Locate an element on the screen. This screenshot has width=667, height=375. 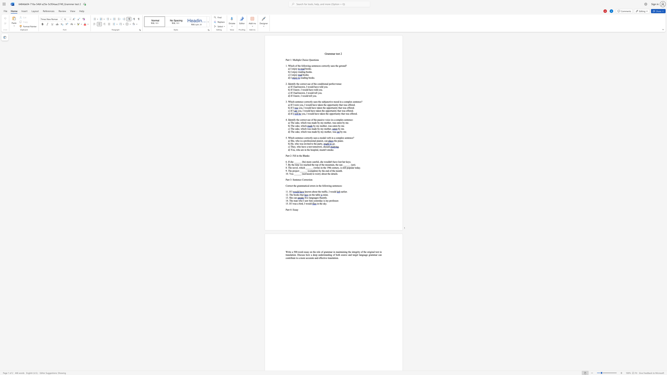
the space between the continuous character "l" and "e" in the text is located at coordinates (300, 60).